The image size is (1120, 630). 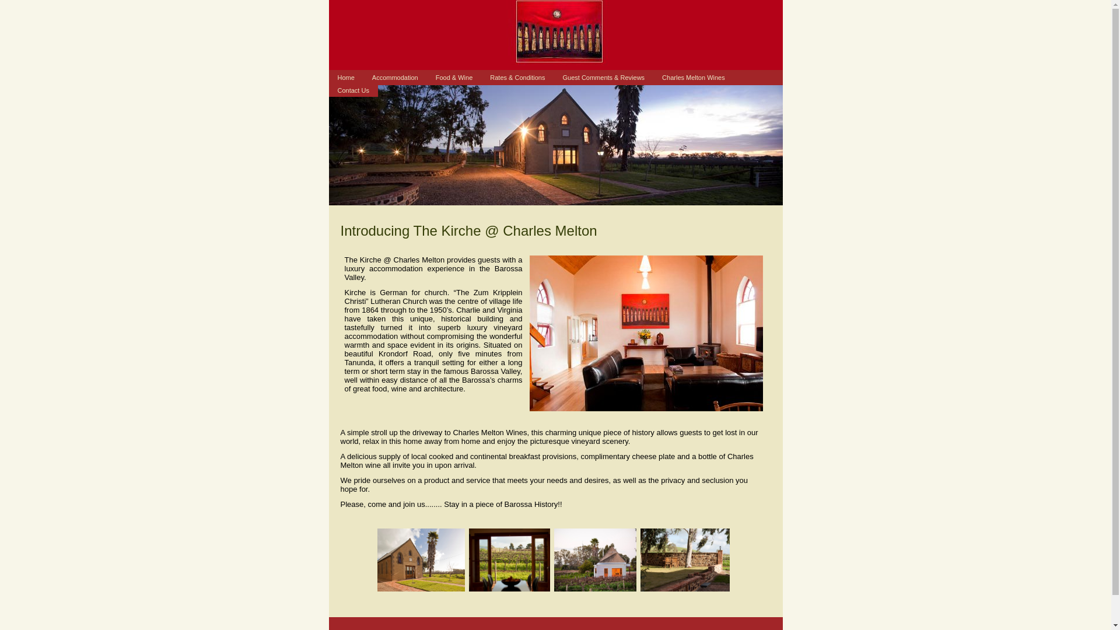 What do you see at coordinates (453, 77) in the screenshot?
I see `'Food & Wine'` at bounding box center [453, 77].